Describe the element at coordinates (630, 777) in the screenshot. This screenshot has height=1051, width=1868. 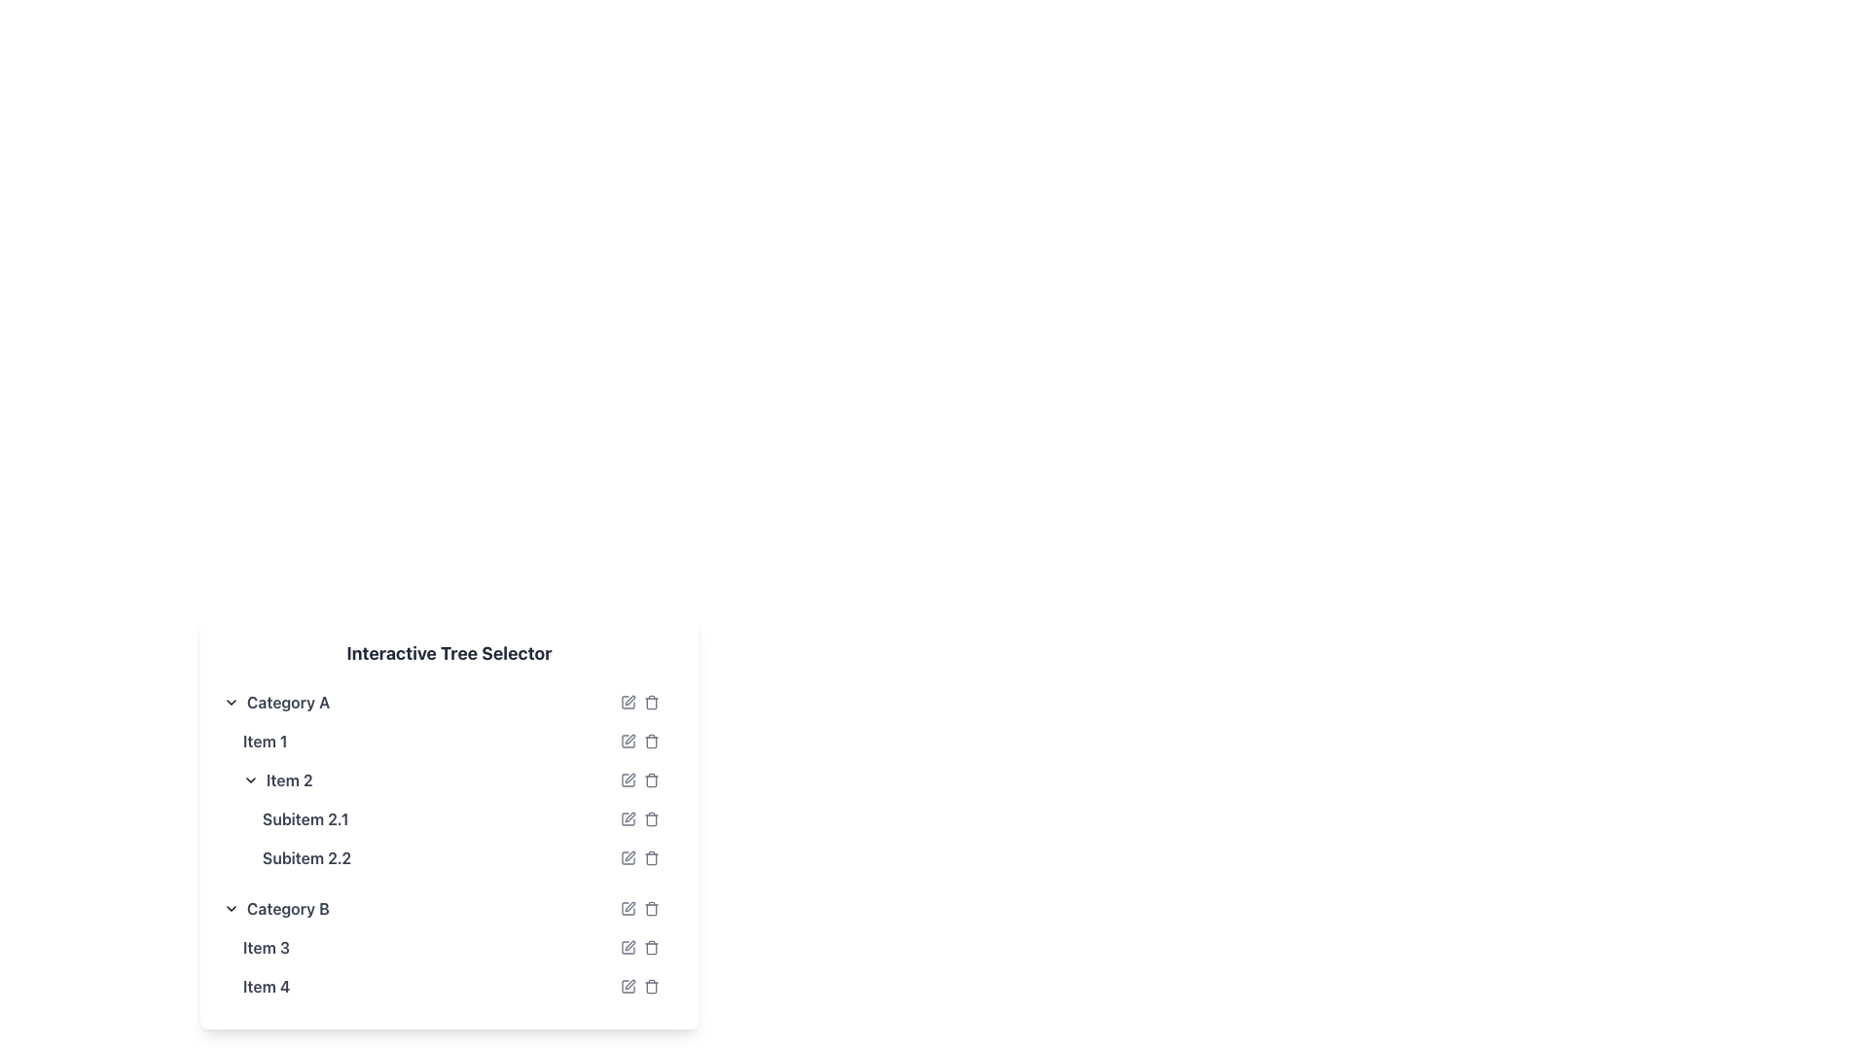
I see `the Interactive Icon next to 'Item 2' in the hierarchical tree selector` at that location.